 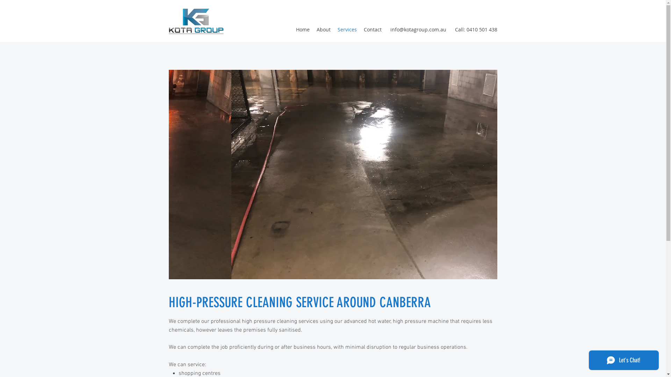 I want to click on 'info@kotagroup.com.au', so click(x=418, y=29).